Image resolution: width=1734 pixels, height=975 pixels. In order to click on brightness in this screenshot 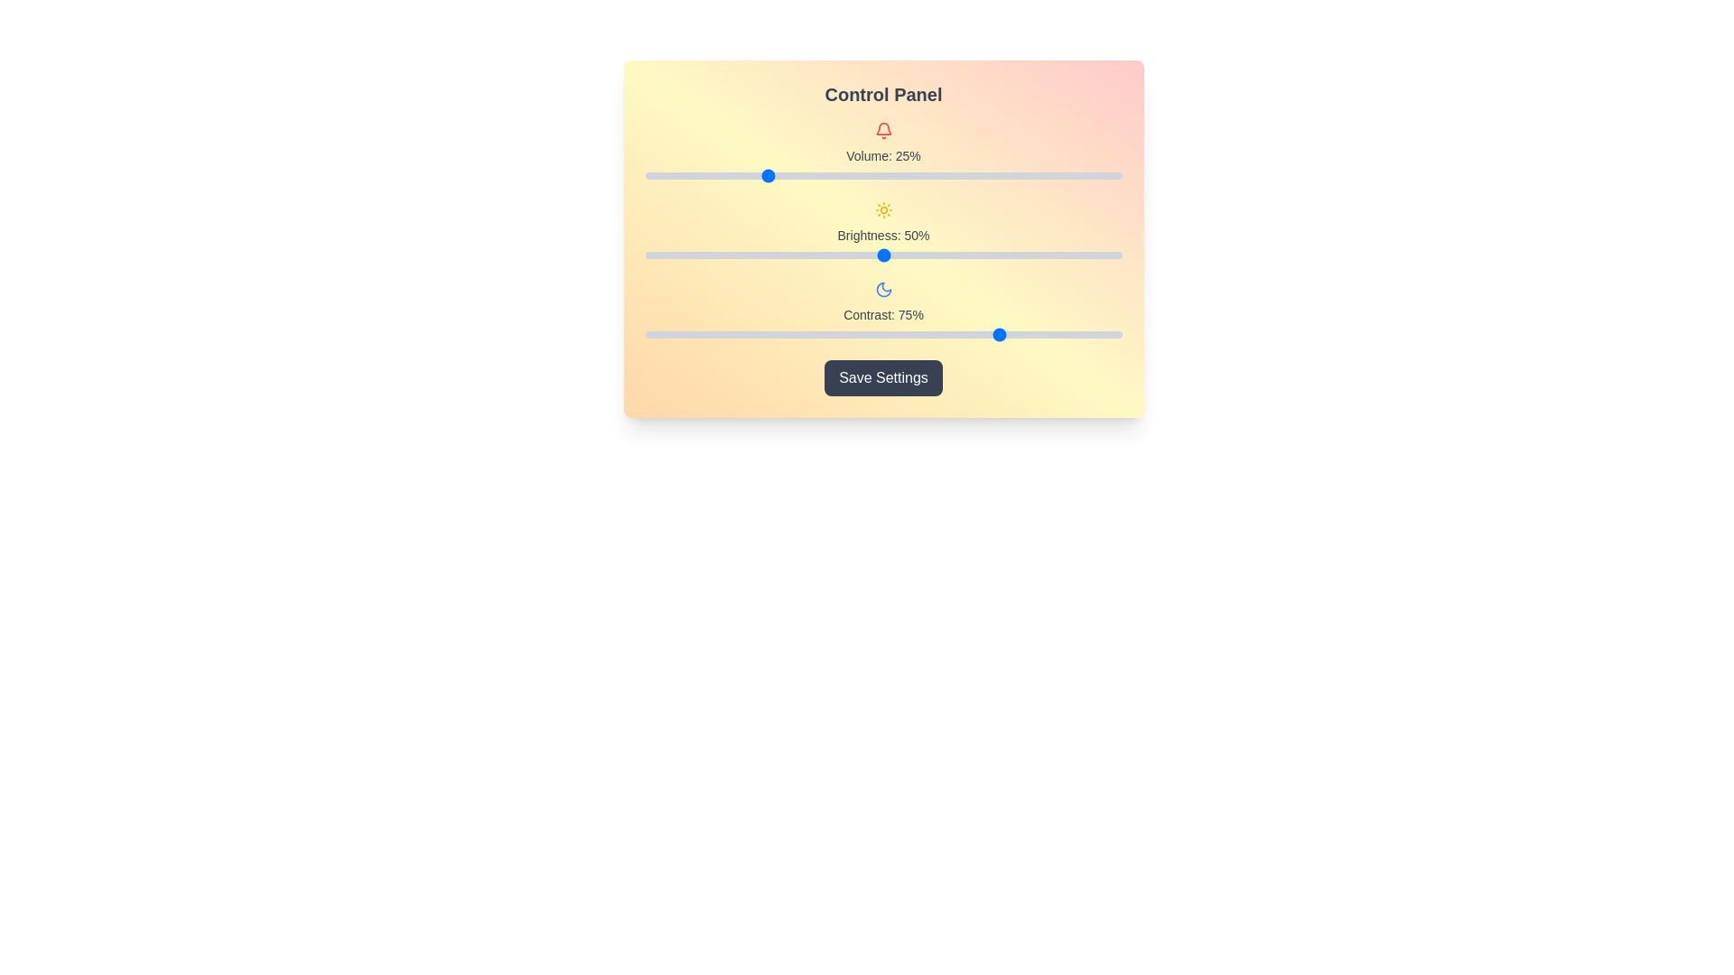, I will do `click(997, 255)`.